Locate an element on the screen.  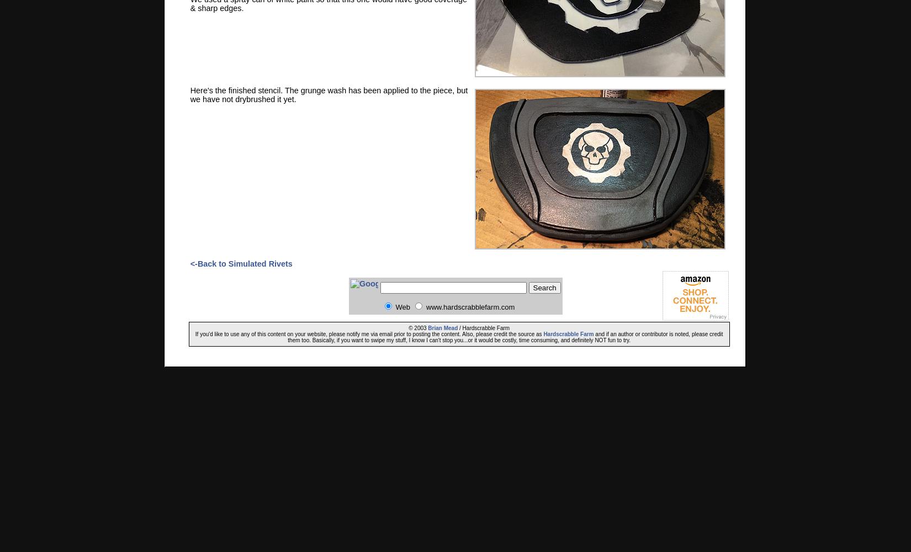
'Hardscrabble
    Farm' is located at coordinates (568, 333).